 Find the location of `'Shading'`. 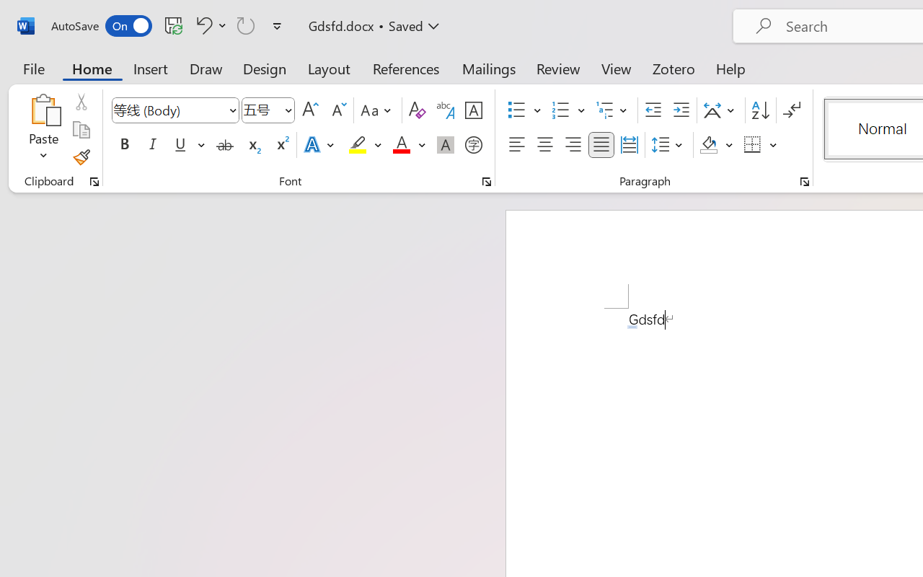

'Shading' is located at coordinates (716, 145).